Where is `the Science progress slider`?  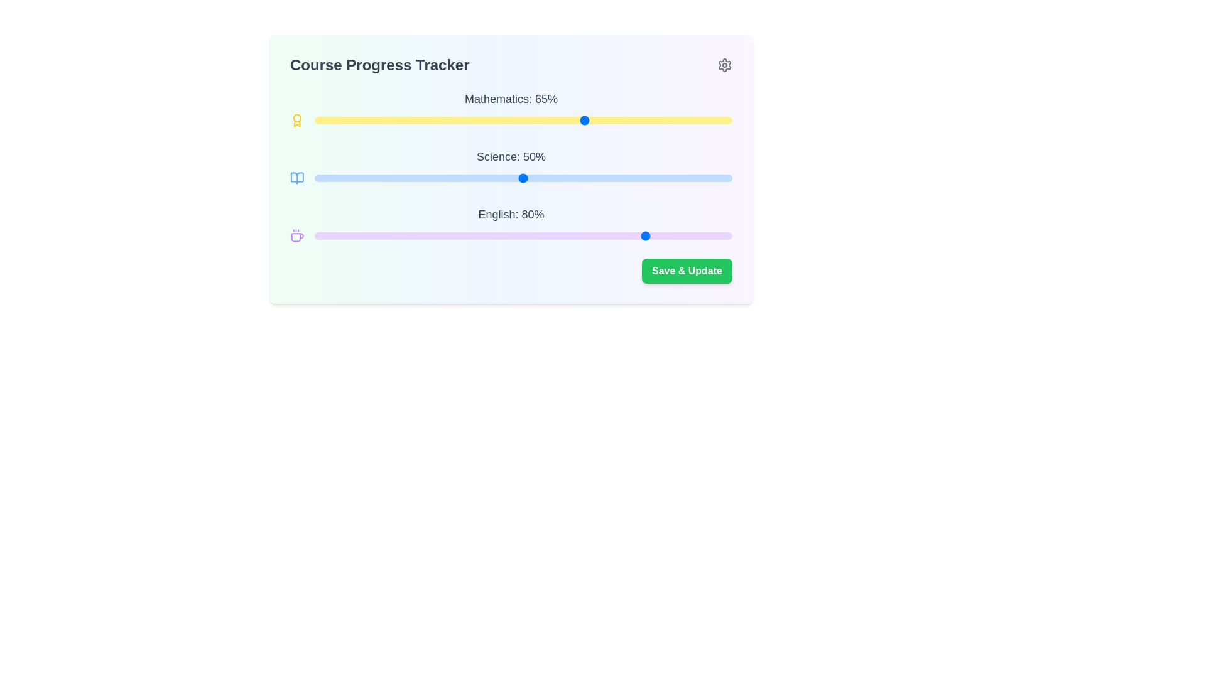
the Science progress slider is located at coordinates (484, 178).